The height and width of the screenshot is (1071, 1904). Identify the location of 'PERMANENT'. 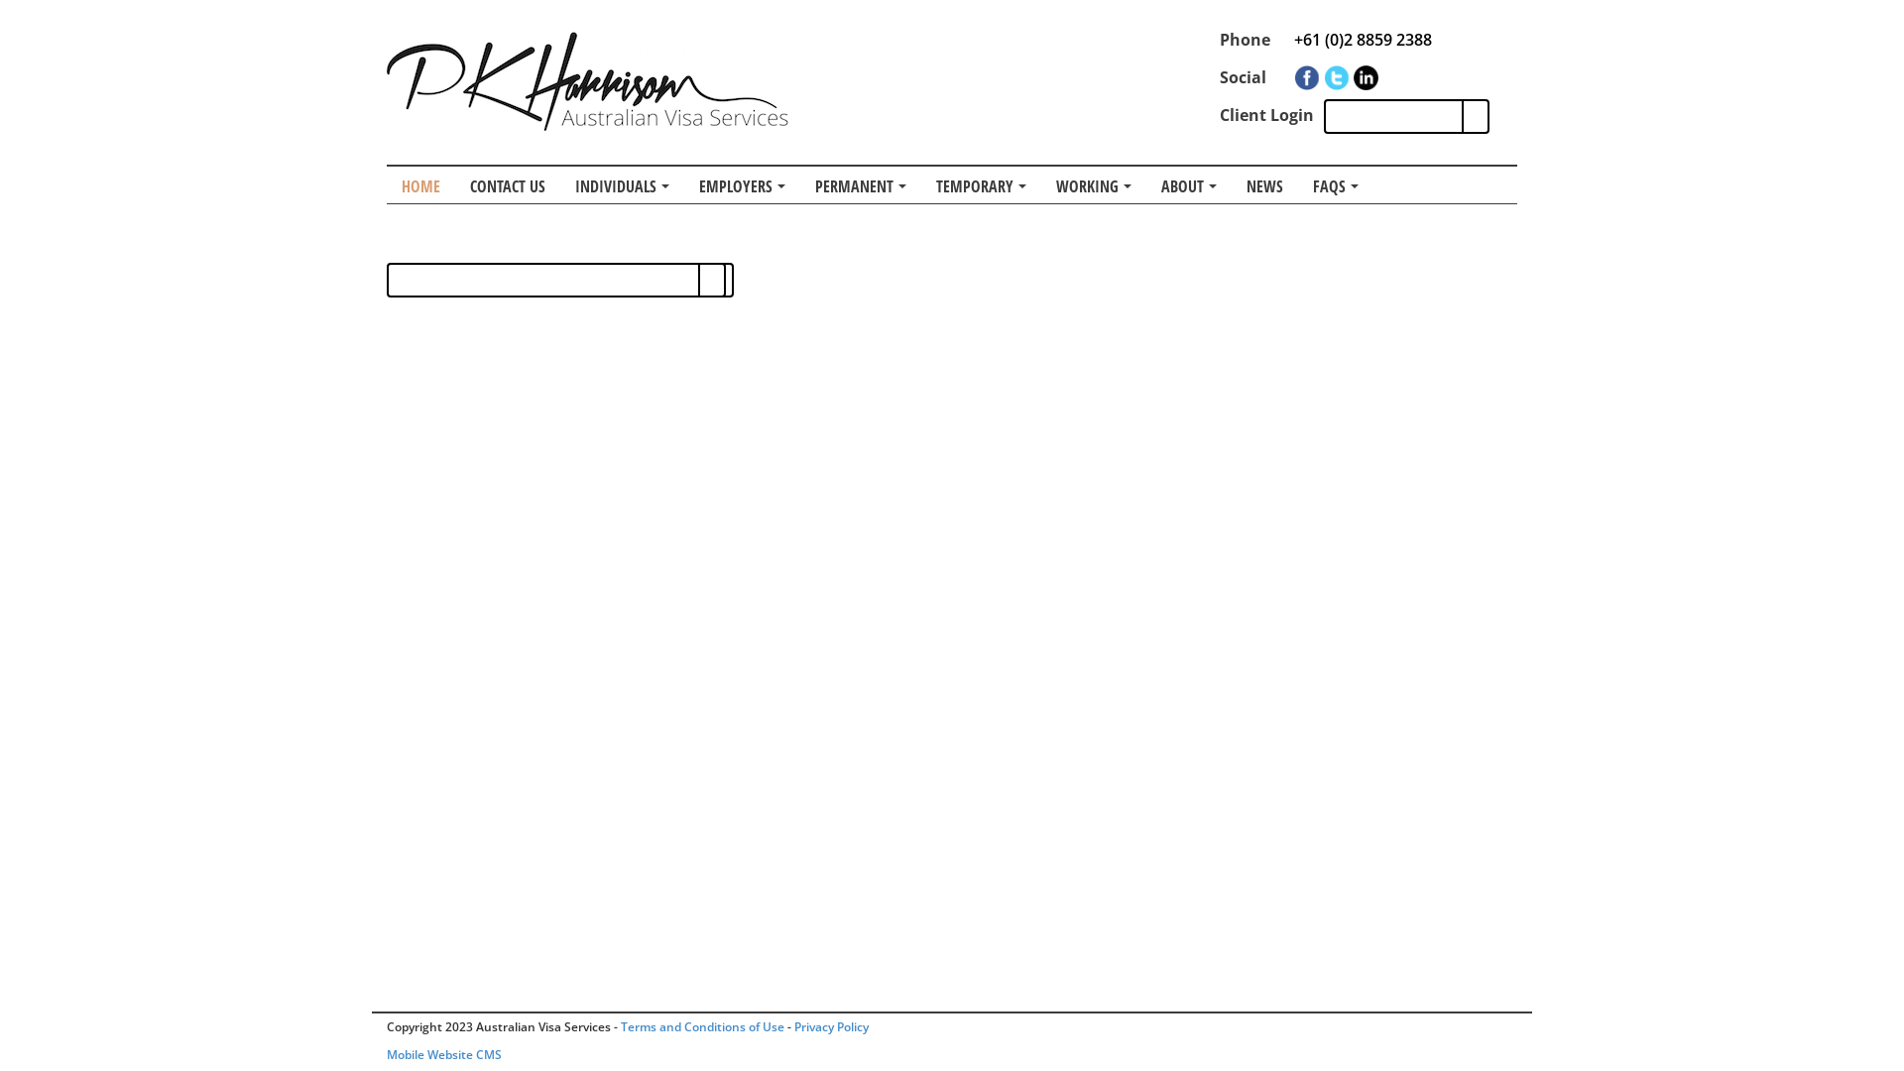
(799, 184).